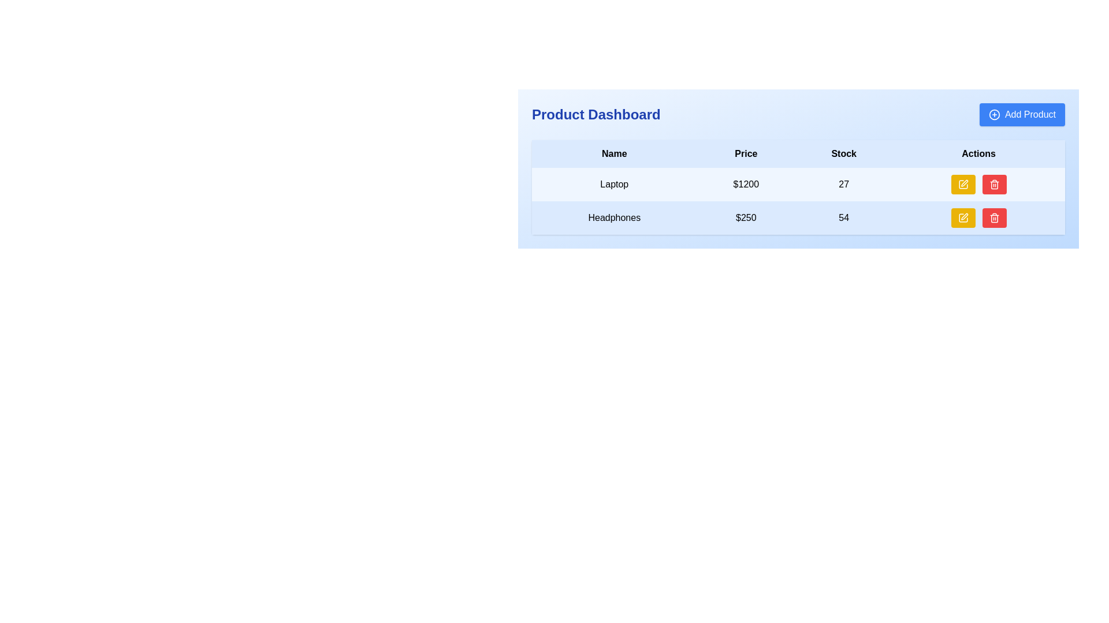 The image size is (1109, 623). Describe the element at coordinates (746, 218) in the screenshot. I see `the price display for 'Headphones', which is the second cell in the 'Price' column of the data table` at that location.